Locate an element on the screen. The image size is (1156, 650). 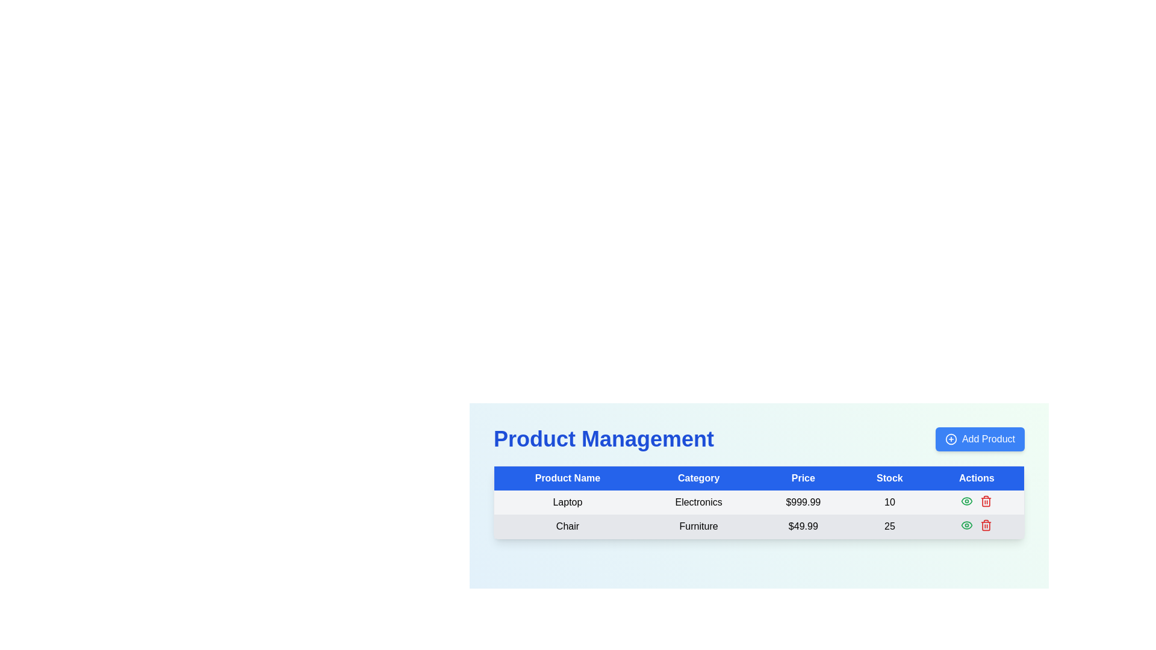
the trash bin icon, which is the second figure in the trash icon group located in the 'Actions' column of the table, to perform a delete action if it is actionable is located at coordinates (986, 501).